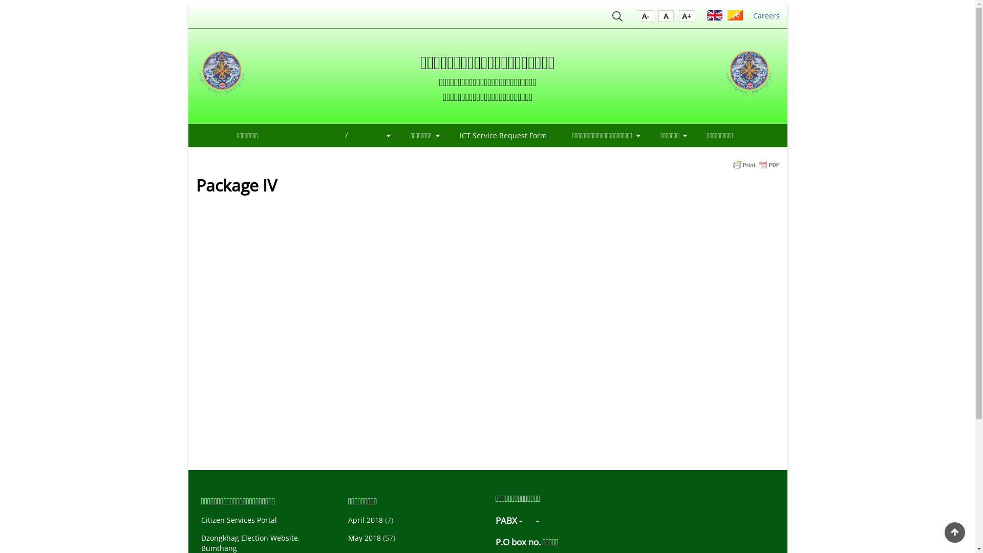 The width and height of the screenshot is (983, 553). Describe the element at coordinates (645, 17) in the screenshot. I see `'A'` at that location.